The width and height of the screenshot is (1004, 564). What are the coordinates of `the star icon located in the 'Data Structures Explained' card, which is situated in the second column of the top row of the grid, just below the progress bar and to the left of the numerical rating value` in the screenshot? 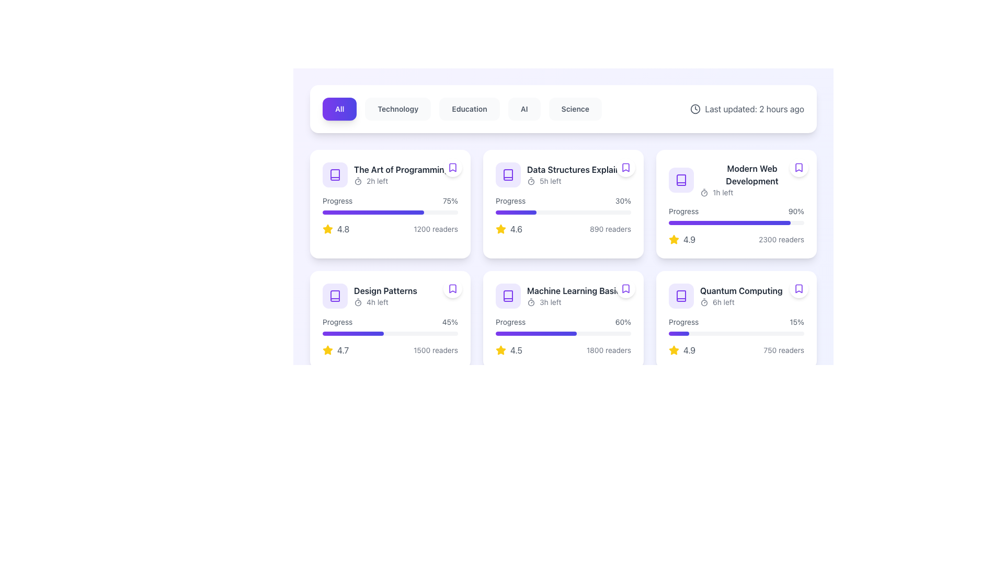 It's located at (500, 228).